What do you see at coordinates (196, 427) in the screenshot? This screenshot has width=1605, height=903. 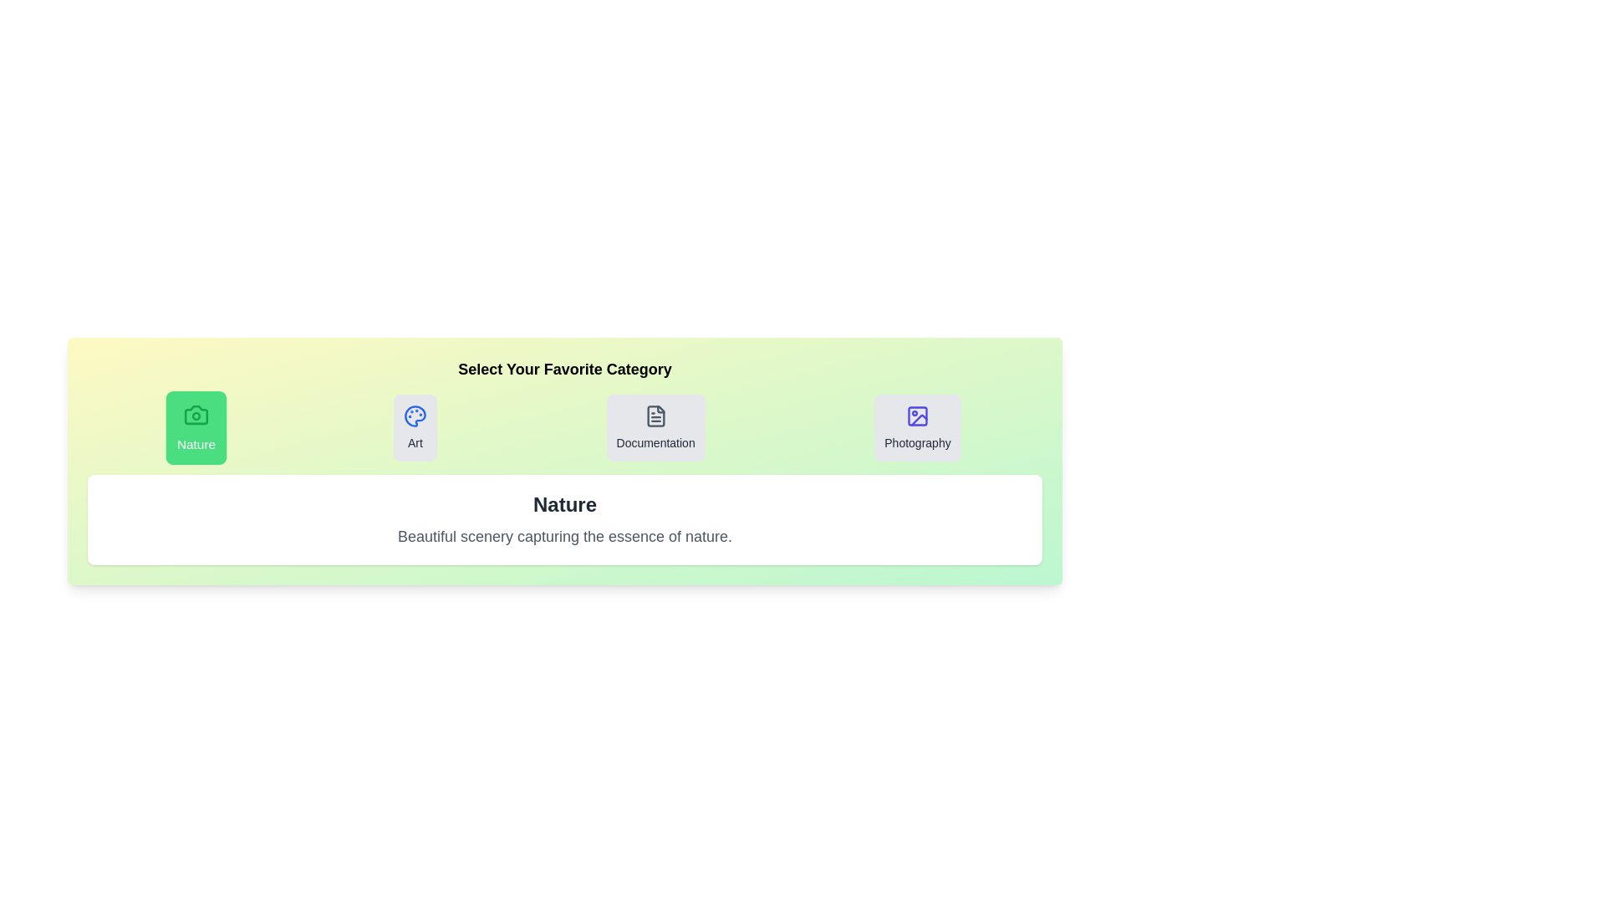 I see `the 'Nature' category tab` at bounding box center [196, 427].